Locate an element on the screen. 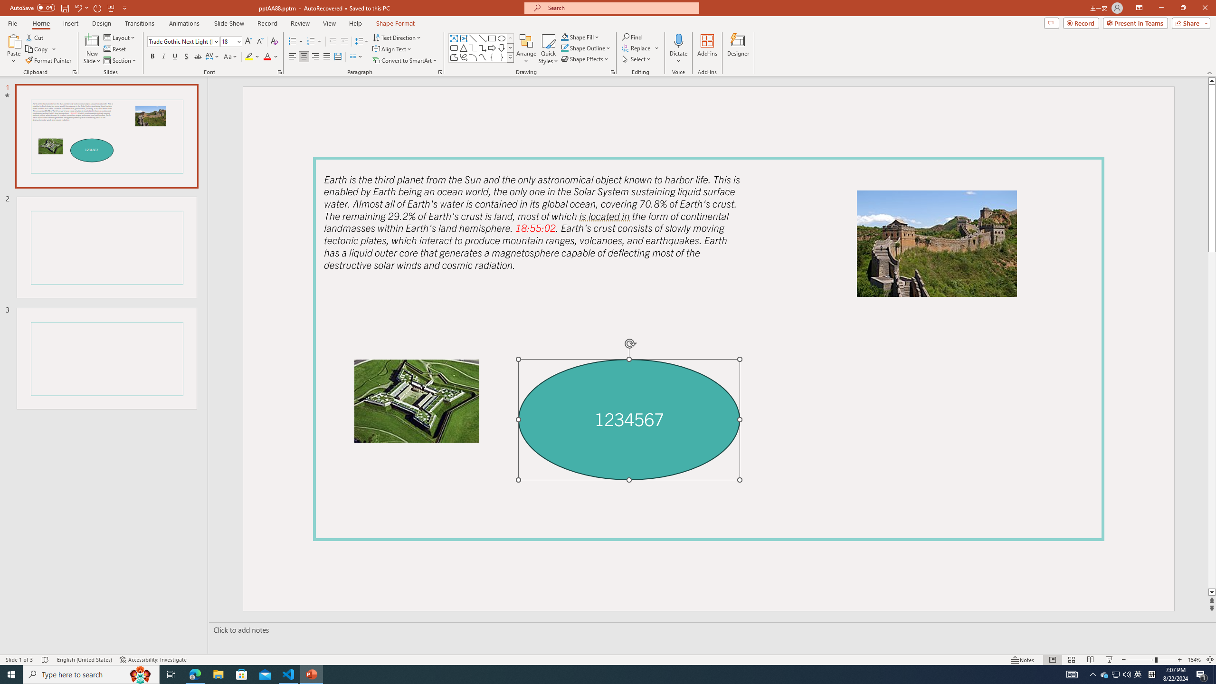 Image resolution: width=1216 pixels, height=684 pixels. 'Zoom 154%' is located at coordinates (1195, 660).